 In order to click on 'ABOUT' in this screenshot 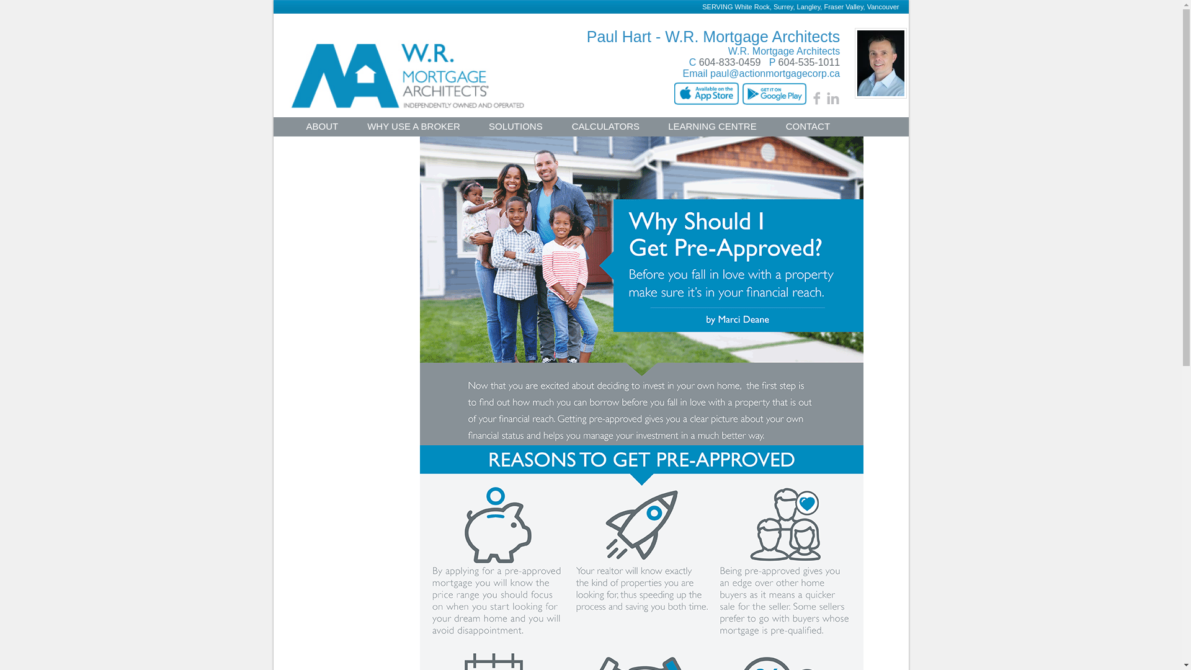, I will do `click(322, 128)`.